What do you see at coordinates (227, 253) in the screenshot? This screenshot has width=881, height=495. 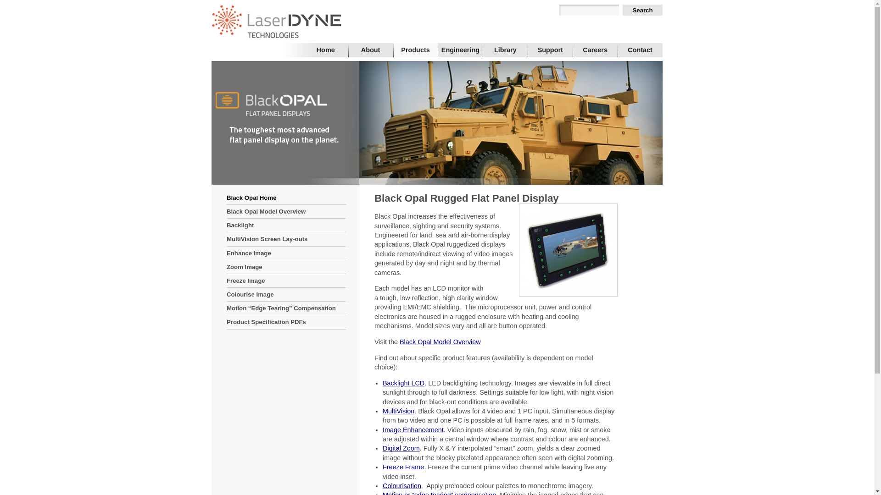 I see `'Enhance Image'` at bounding box center [227, 253].